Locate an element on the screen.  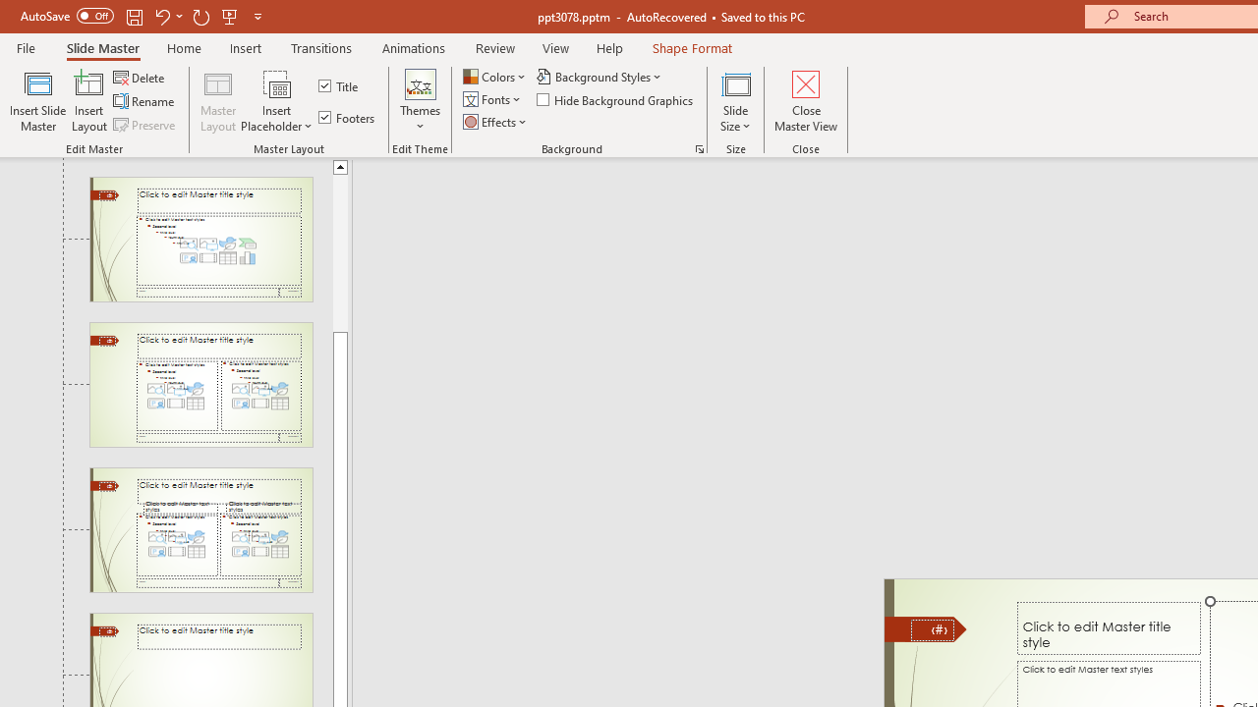
'Slide Number' is located at coordinates (932, 629).